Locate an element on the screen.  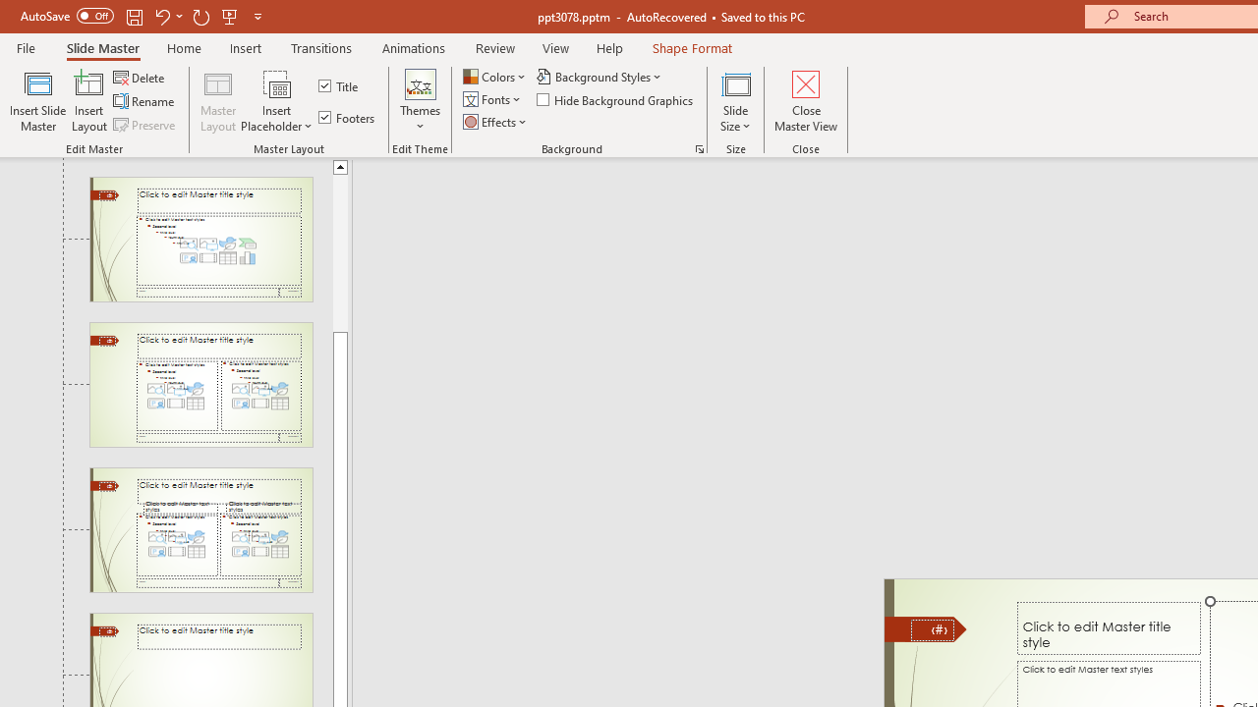
'Slide Number' is located at coordinates (932, 629).